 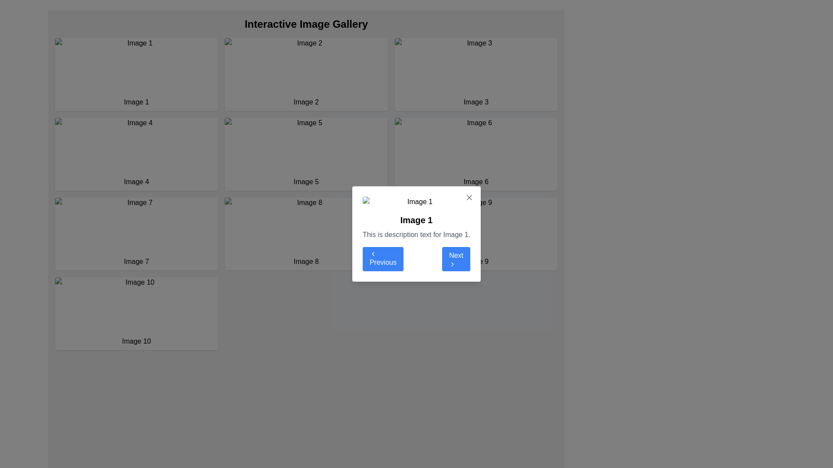 What do you see at coordinates (306, 234) in the screenshot?
I see `the eighth card in the grid layout that displays an image with the caption 'Image 8' for accessibility` at bounding box center [306, 234].